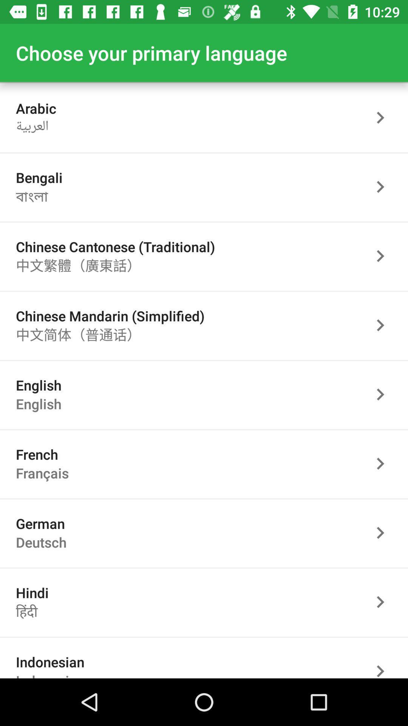  Describe the element at coordinates (384, 532) in the screenshot. I see `go next page` at that location.